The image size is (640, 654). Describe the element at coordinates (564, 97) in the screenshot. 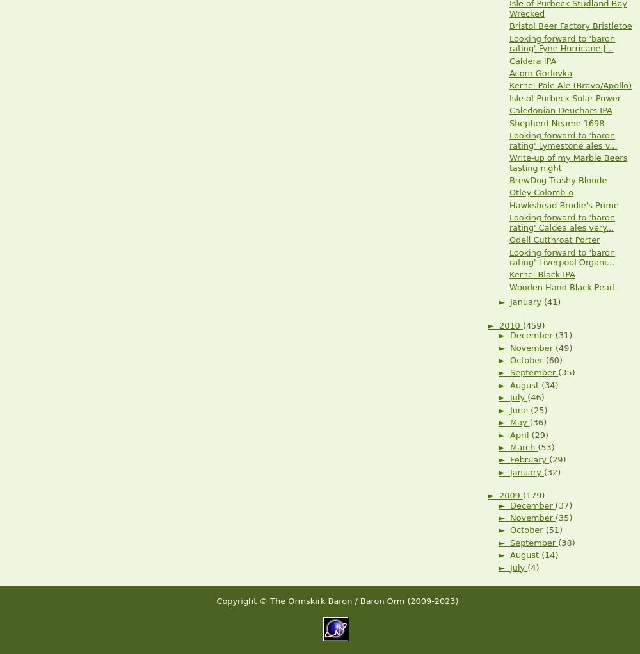

I see `'Isle of Purbeck Solar Power'` at that location.